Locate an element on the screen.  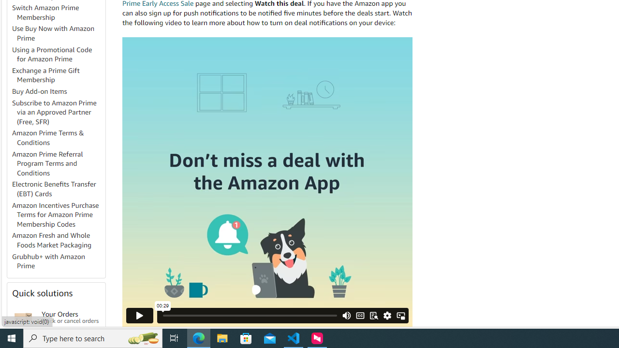
'Amazon Prime Referral Program Terms and Conditions' is located at coordinates (47, 163).